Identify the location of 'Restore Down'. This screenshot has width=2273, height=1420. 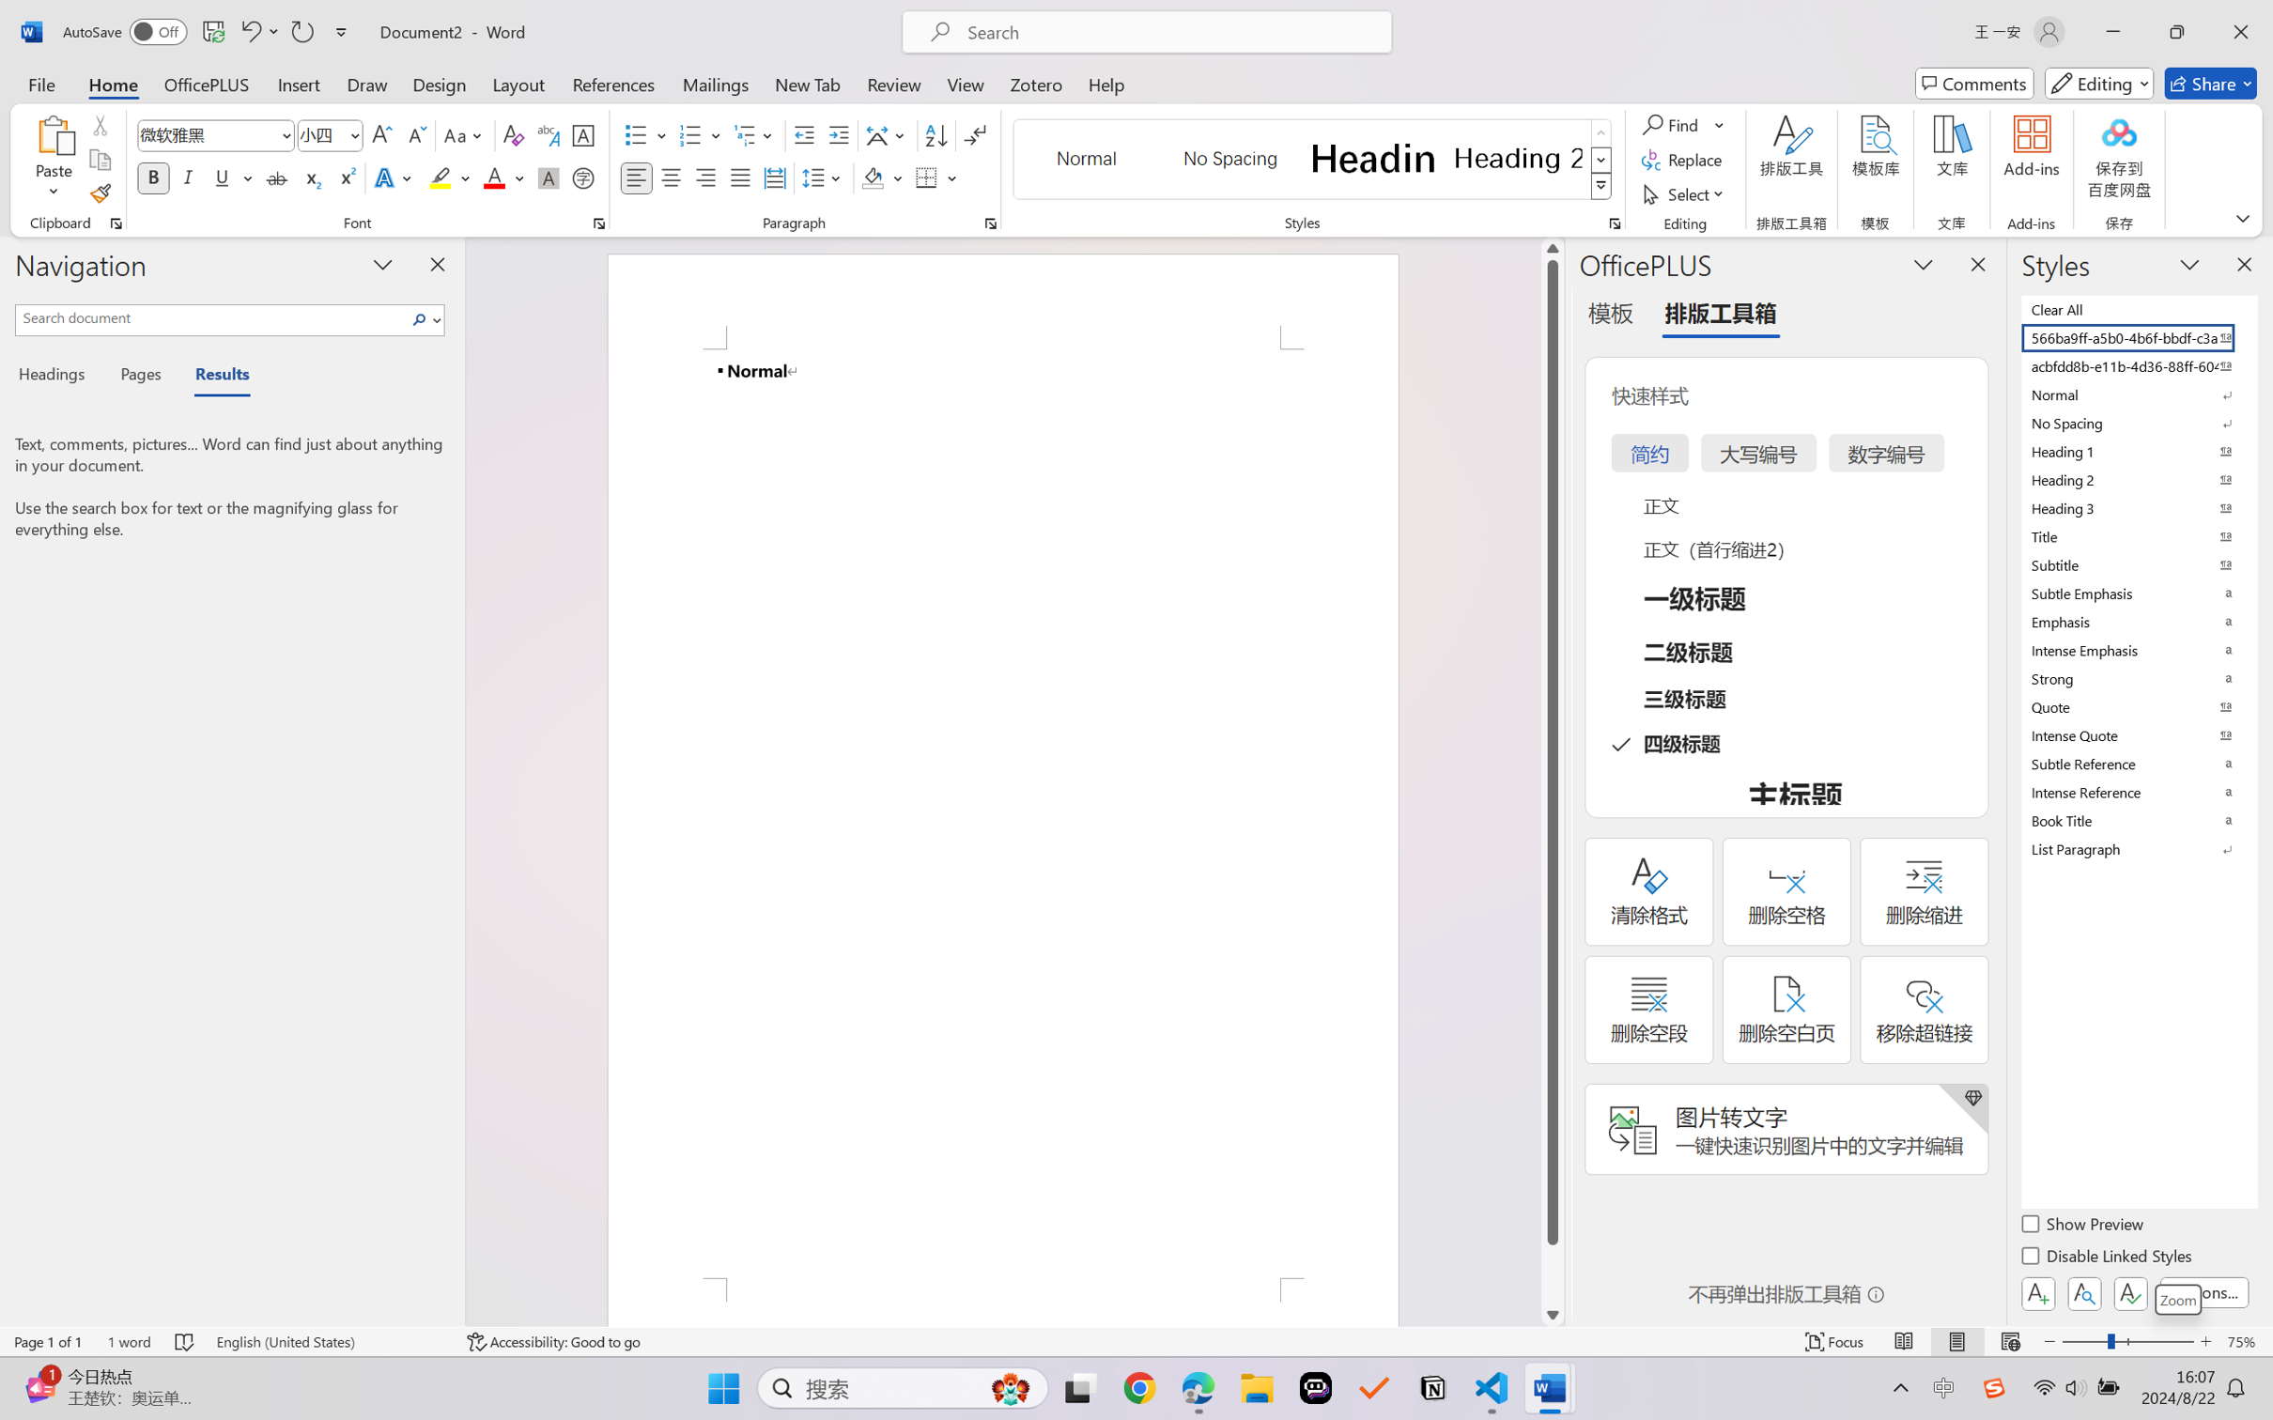
(2177, 31).